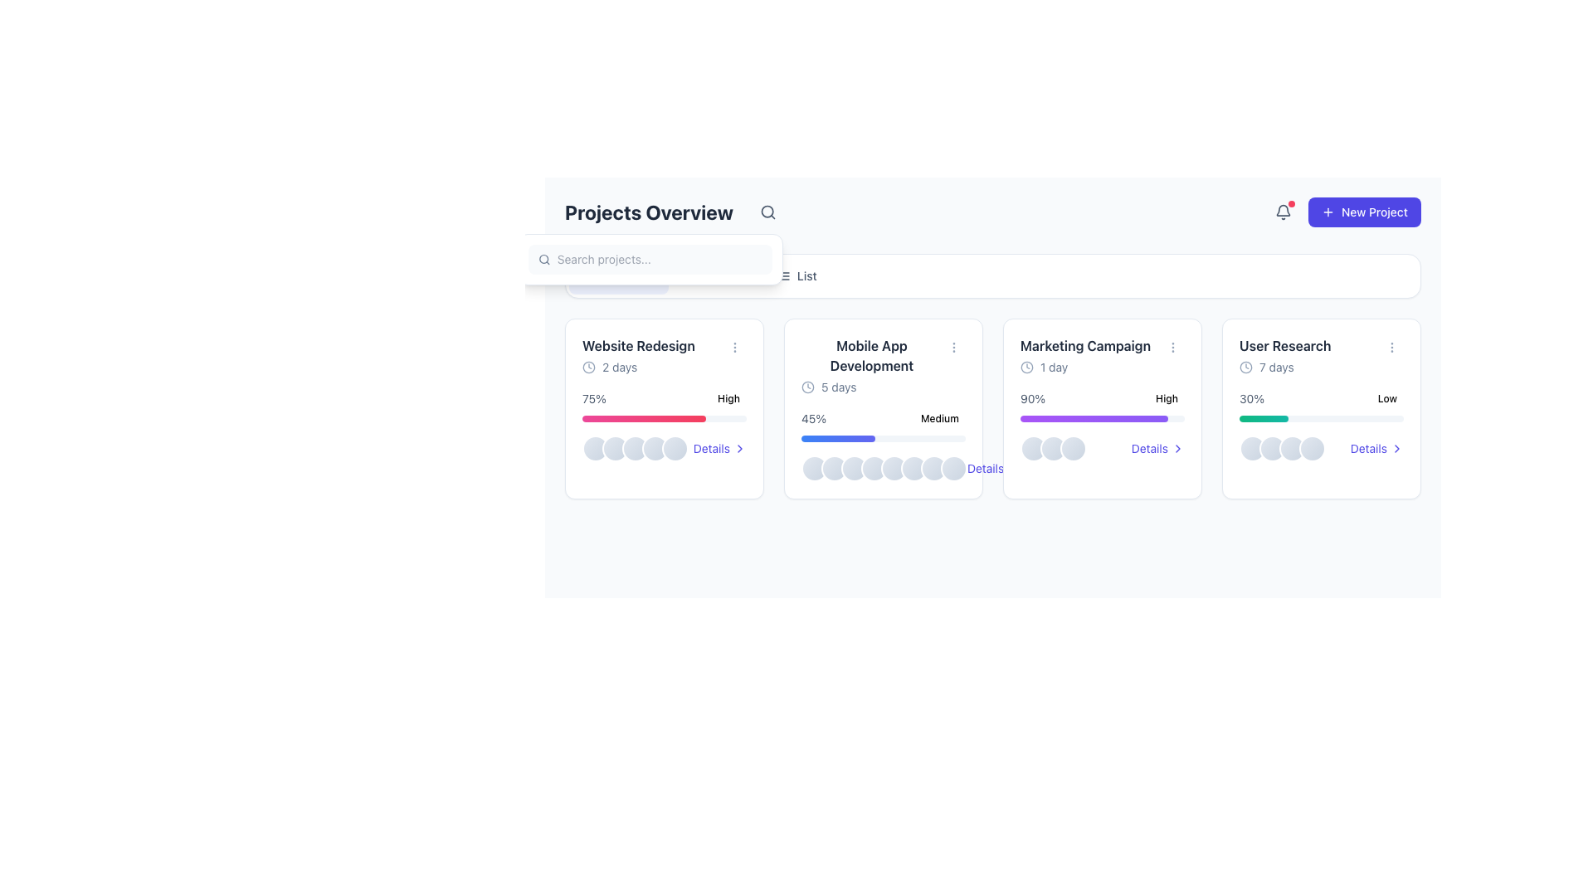 This screenshot has height=896, width=1593. I want to click on the notification bell icon, which is gray and accompanied by a red badge indicating unread notifications, so click(1282, 211).